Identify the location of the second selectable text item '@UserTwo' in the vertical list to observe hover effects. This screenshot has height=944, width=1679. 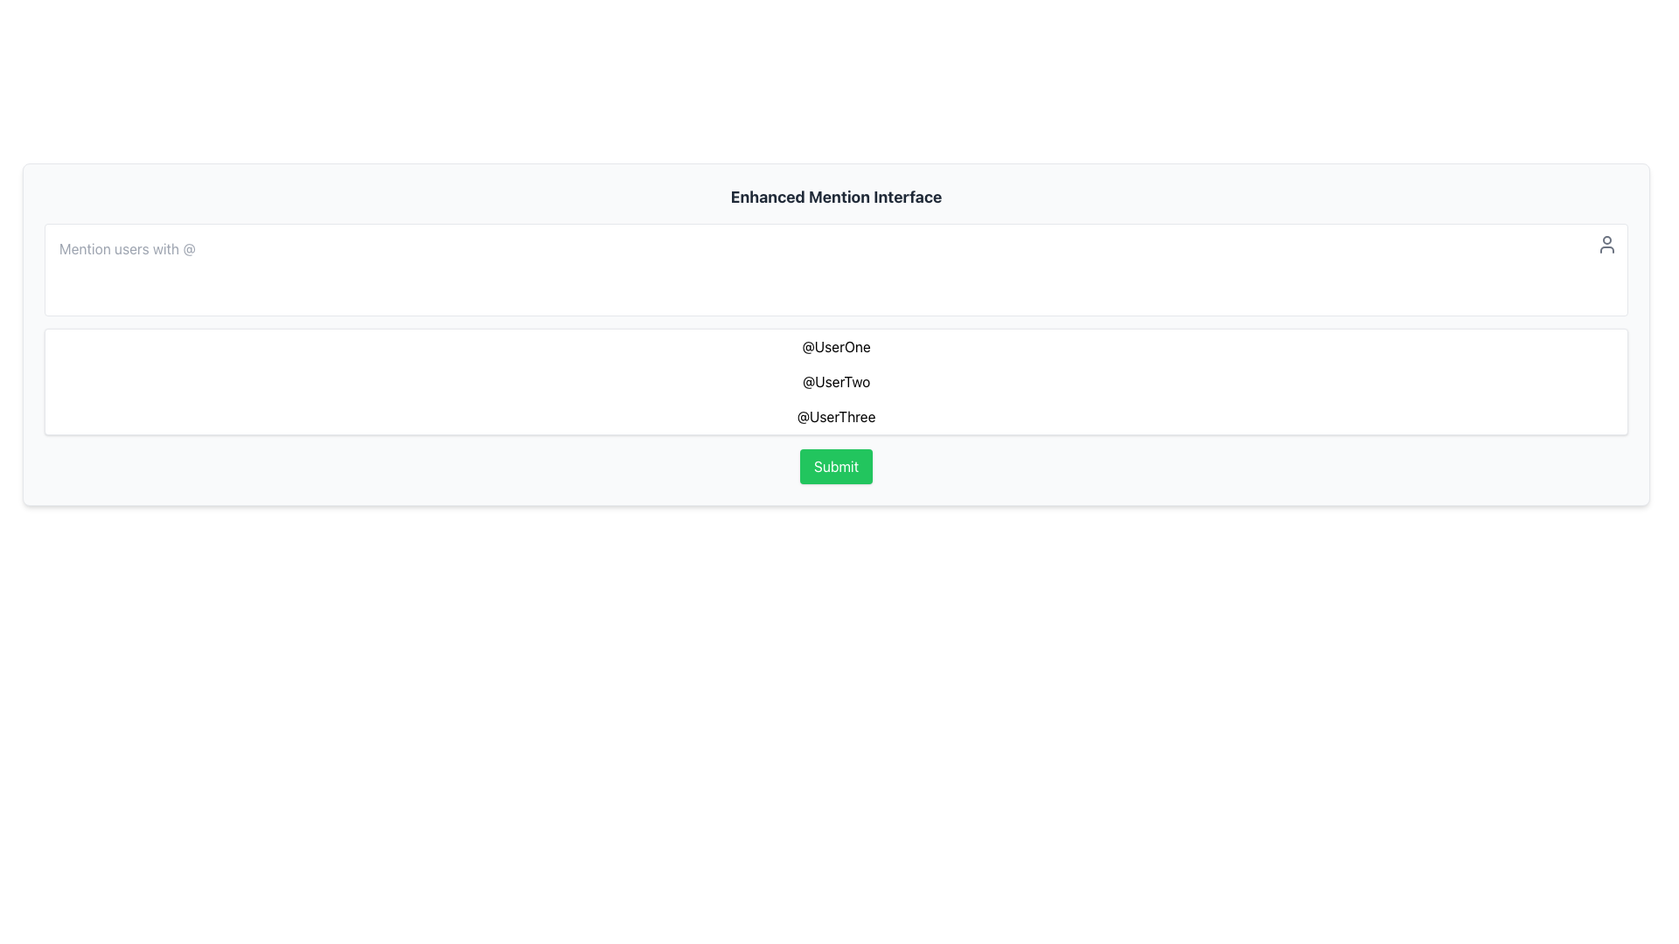
(835, 380).